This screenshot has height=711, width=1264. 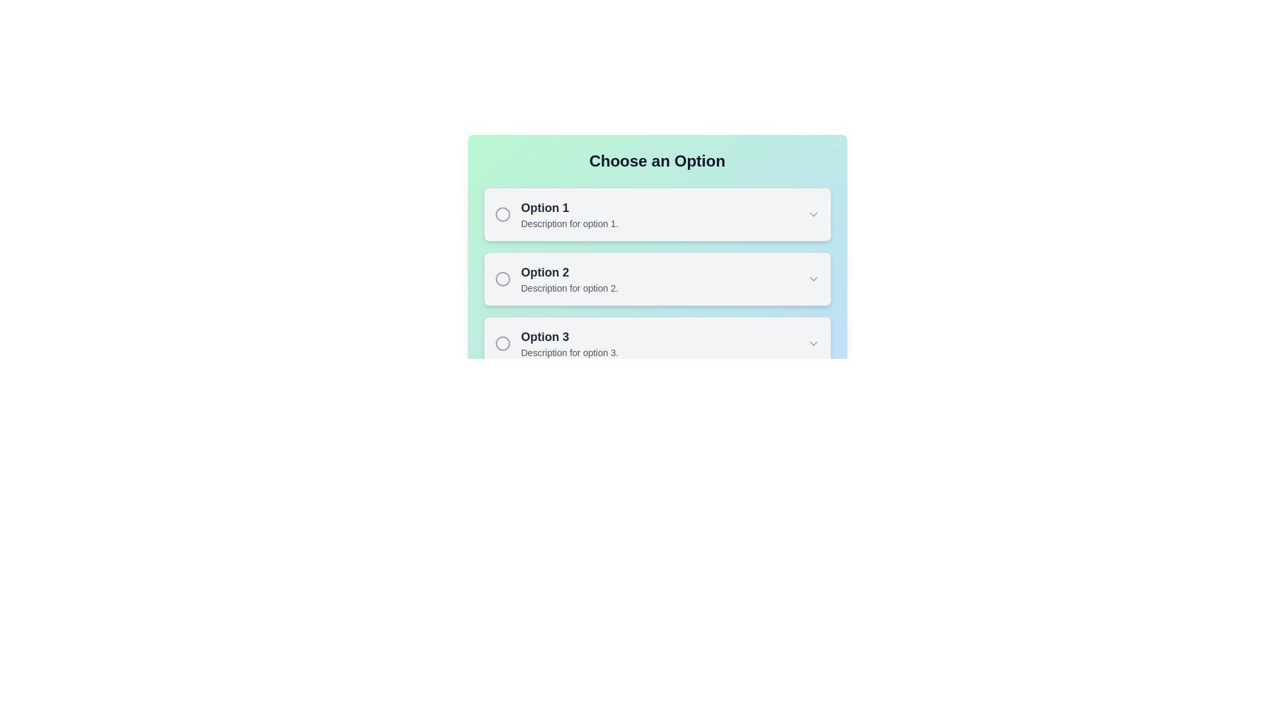 What do you see at coordinates (502, 278) in the screenshot?
I see `the center of the hollow circular graphic element that precedes the text 'Option 2Description for option 2.'` at bounding box center [502, 278].